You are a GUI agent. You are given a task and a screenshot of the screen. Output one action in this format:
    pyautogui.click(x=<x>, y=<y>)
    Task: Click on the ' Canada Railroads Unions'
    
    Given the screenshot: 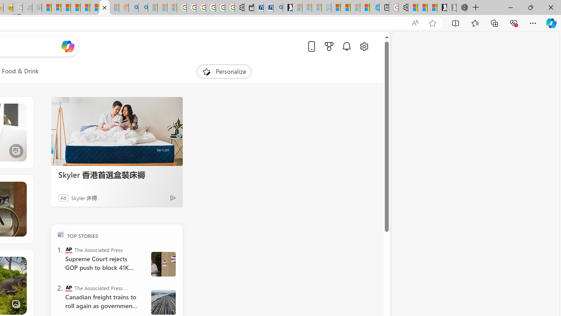 What is the action you would take?
    pyautogui.click(x=163, y=302)
    